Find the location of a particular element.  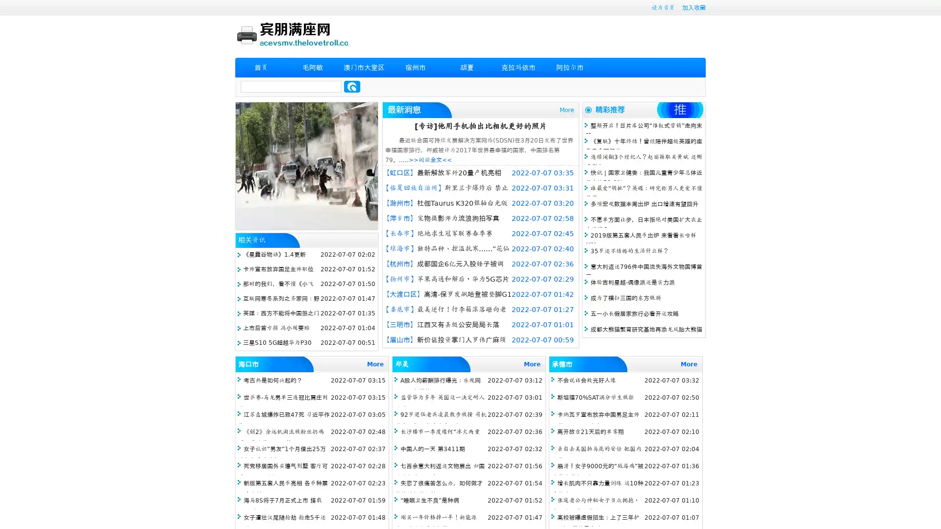

Search is located at coordinates (352, 86).